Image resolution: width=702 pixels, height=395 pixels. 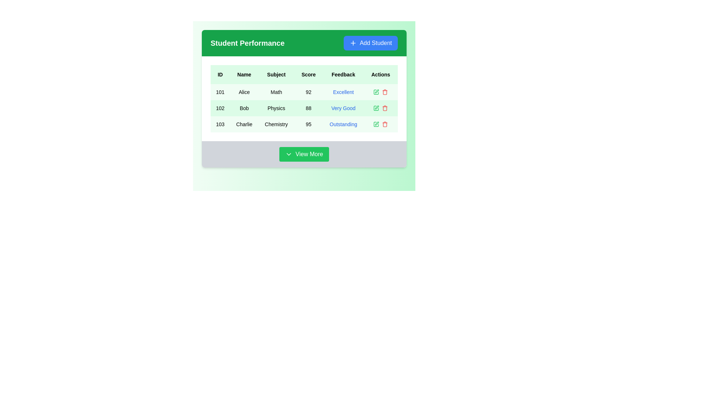 What do you see at coordinates (376, 108) in the screenshot?
I see `the edit icon button in the Actions column of the table to initiate editing for the student named 'Bob.'` at bounding box center [376, 108].